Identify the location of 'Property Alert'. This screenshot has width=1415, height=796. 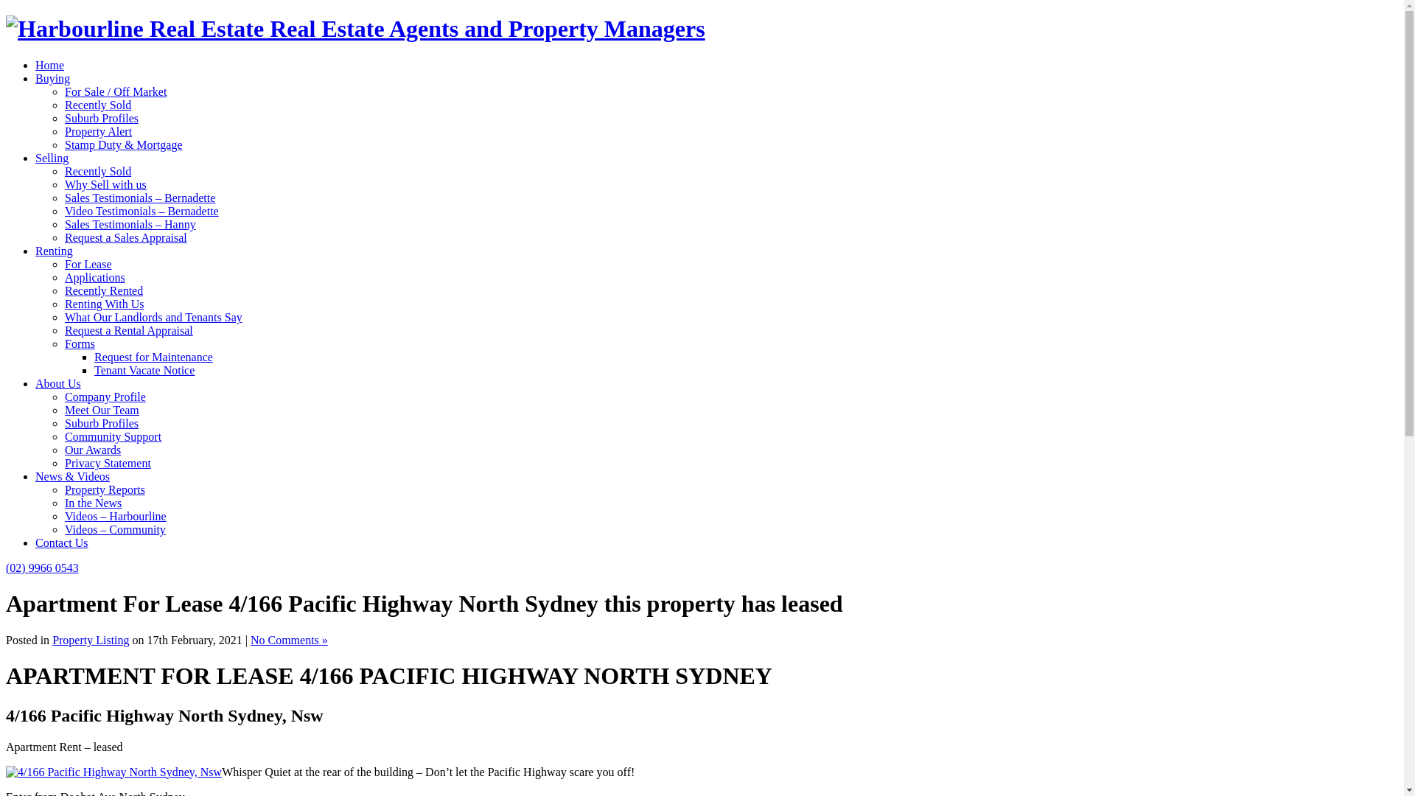
(63, 130).